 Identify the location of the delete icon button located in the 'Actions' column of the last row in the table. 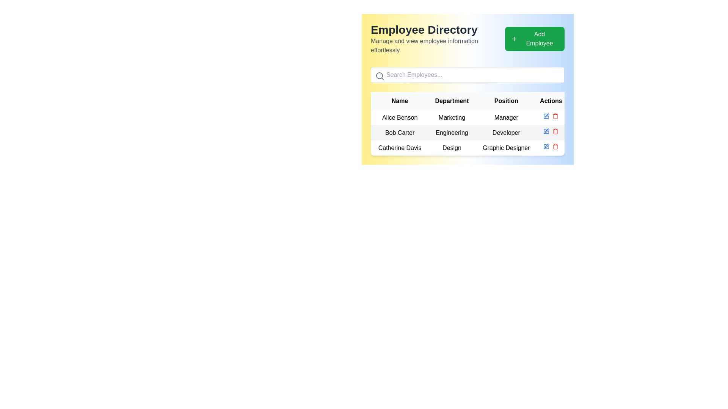
(555, 116).